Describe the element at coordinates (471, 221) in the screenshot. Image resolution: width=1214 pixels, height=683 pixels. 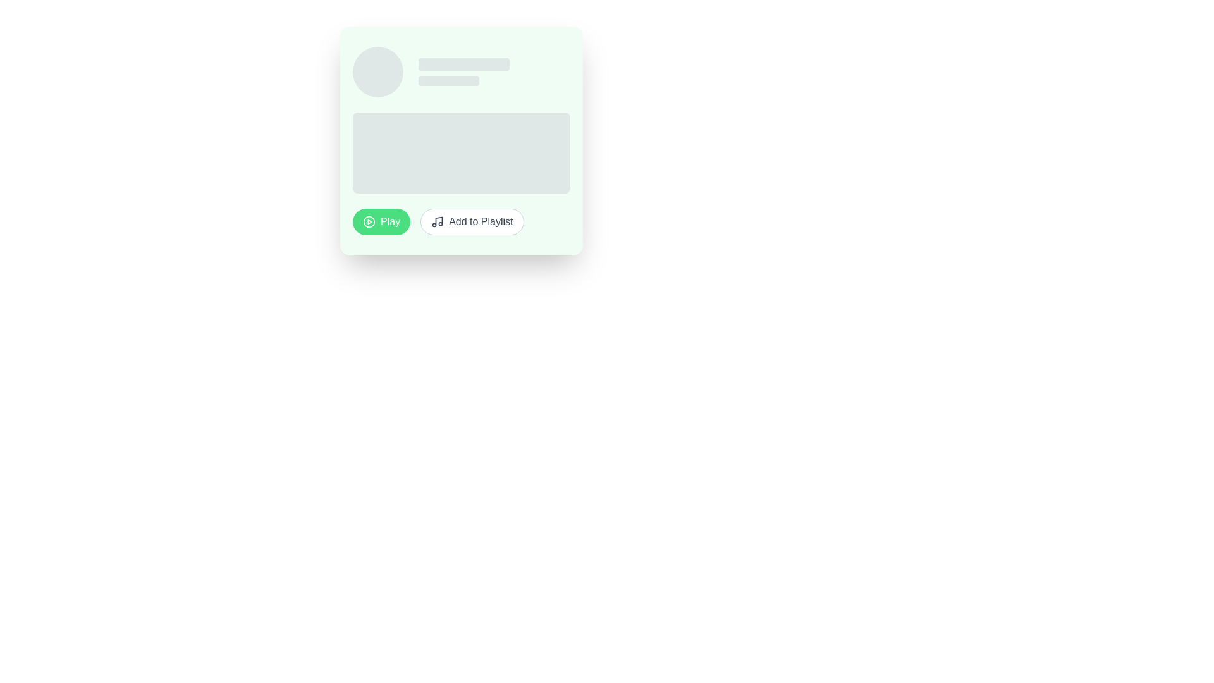
I see `the 'Add to Playlist' button, which has a white background, gray border, and rounded edges, located to the right of the 'Play' button` at that location.